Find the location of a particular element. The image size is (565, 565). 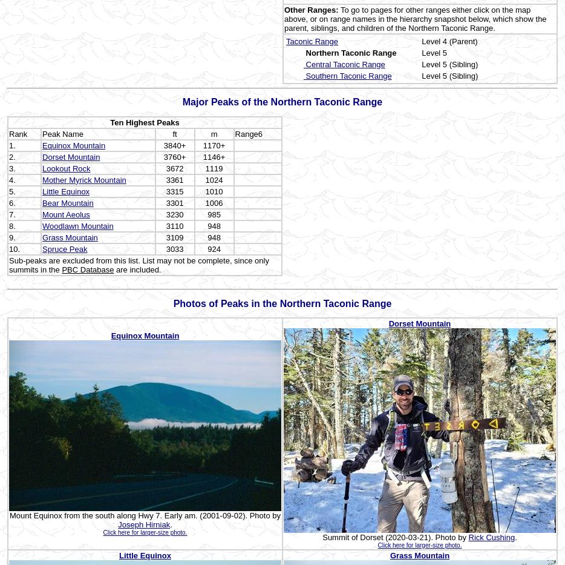

'Rick Cushing' is located at coordinates (491, 537).